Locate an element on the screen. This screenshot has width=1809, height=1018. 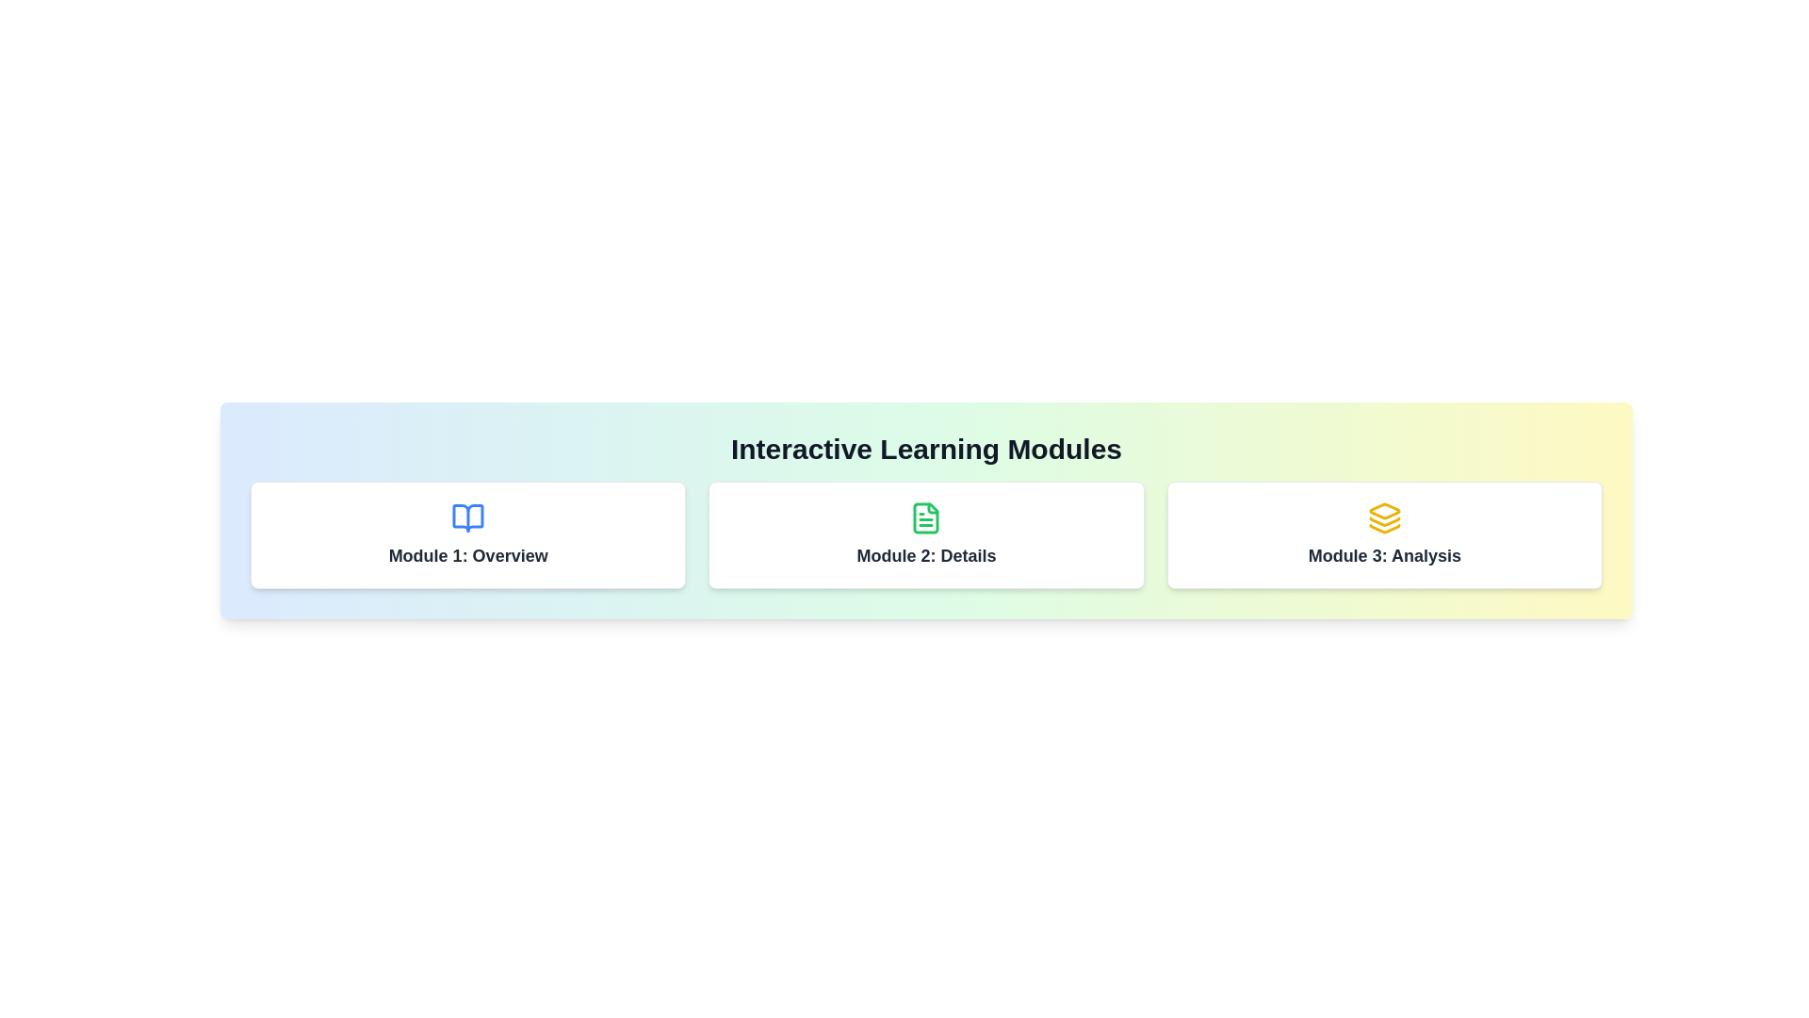
the icon representing the first module, located at the center of the first card labeled 'Module 1: Overview', which is directly above the text of that card is located at coordinates (468, 518).